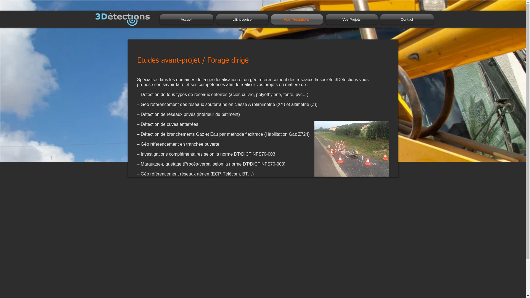 The width and height of the screenshot is (530, 298). I want to click on 'Accueil', so click(159, 19).